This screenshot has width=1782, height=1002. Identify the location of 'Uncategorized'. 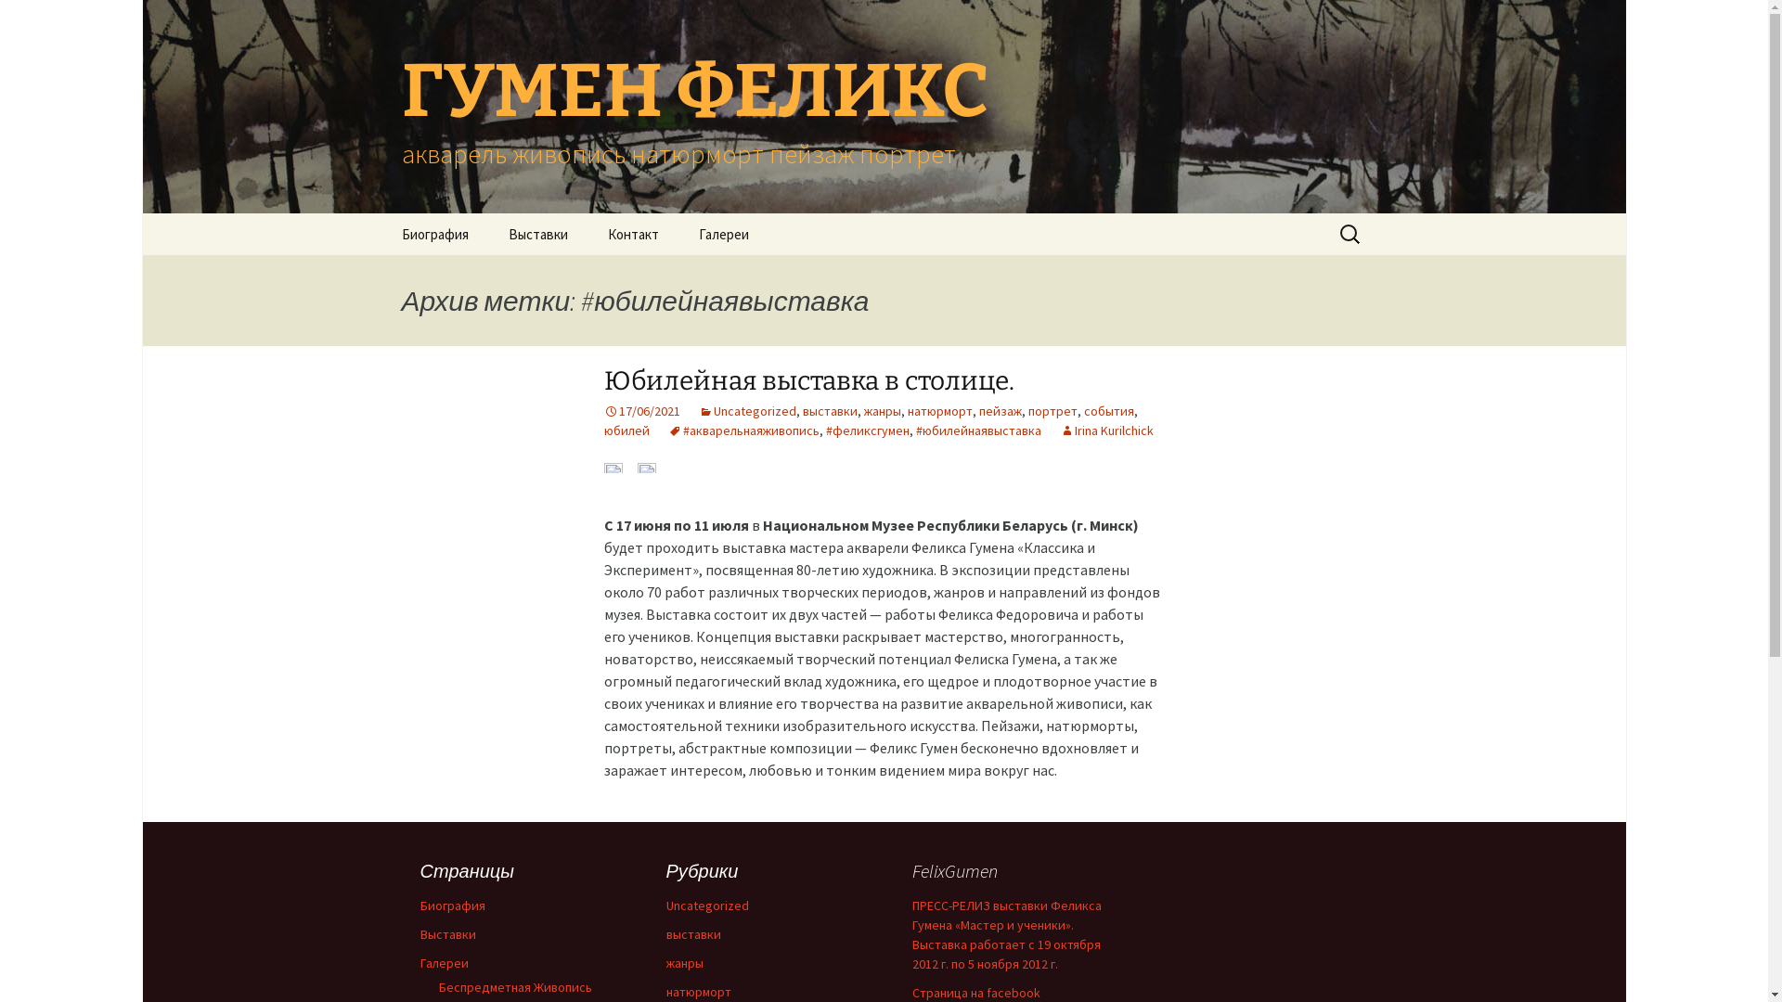
(706, 904).